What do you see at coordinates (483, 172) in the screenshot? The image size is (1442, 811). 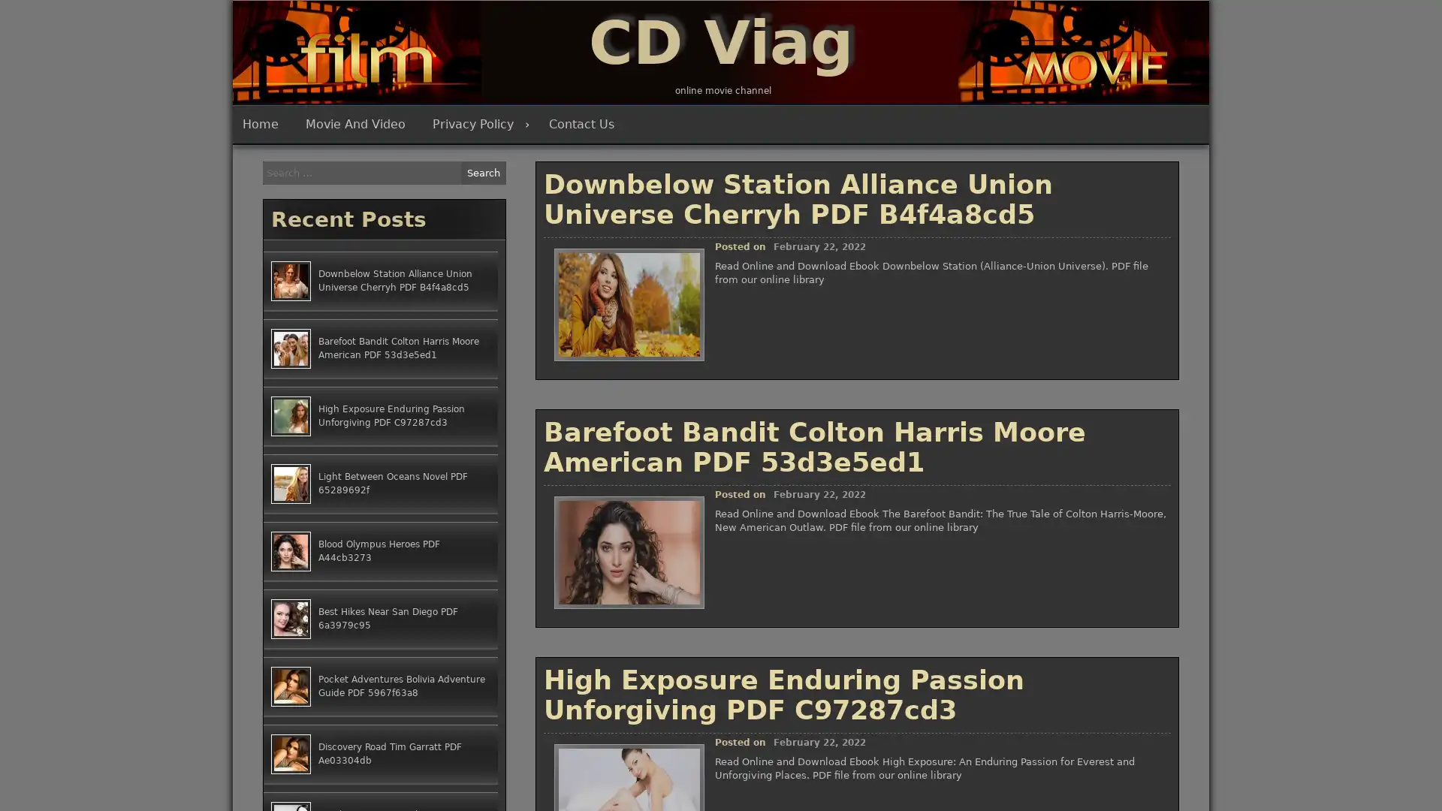 I see `Search` at bounding box center [483, 172].